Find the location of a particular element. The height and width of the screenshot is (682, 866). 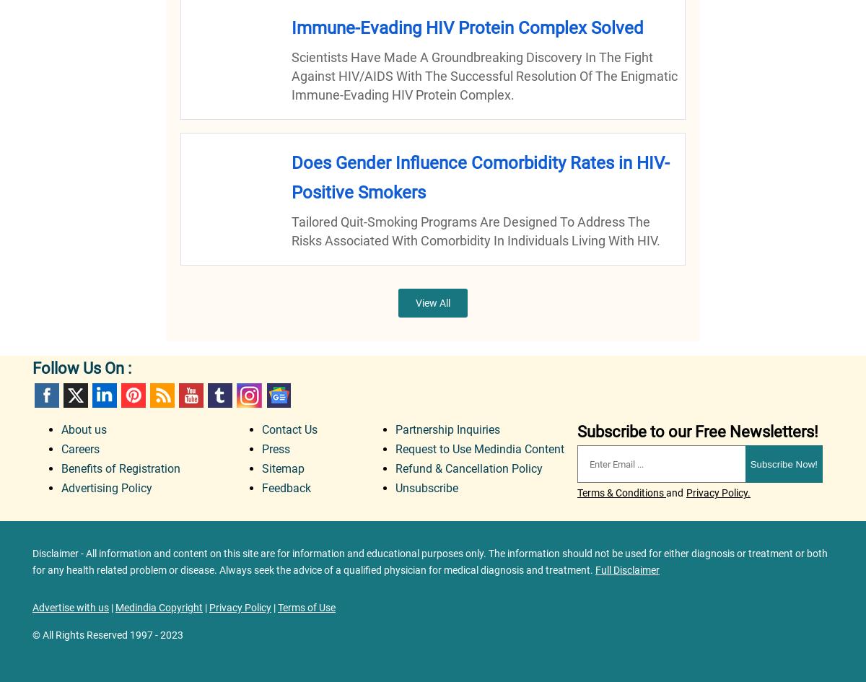

'Tailored quit-smoking programs are designed to address the risks associated with comorbidity in individuals living with HIV.' is located at coordinates (476, 231).